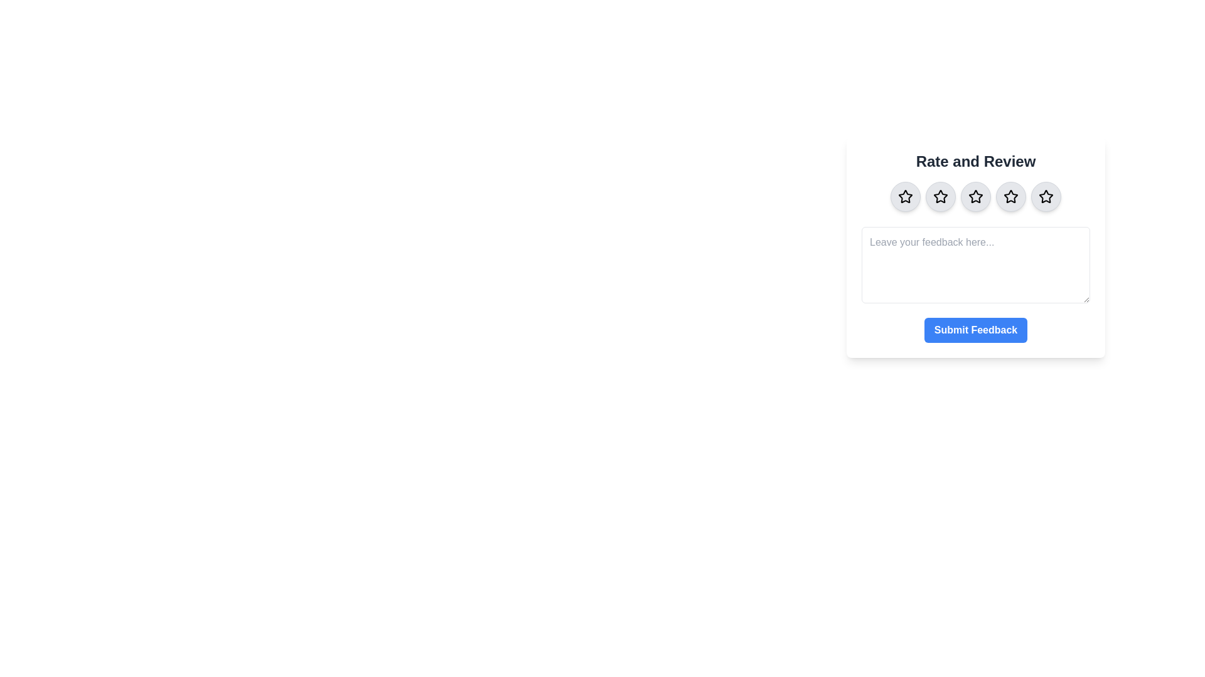 The width and height of the screenshot is (1205, 677). I want to click on the fifth Rating button, which has a circular shape with a light gray background, darker gray border, and a black star icon in the center, so click(1046, 196).